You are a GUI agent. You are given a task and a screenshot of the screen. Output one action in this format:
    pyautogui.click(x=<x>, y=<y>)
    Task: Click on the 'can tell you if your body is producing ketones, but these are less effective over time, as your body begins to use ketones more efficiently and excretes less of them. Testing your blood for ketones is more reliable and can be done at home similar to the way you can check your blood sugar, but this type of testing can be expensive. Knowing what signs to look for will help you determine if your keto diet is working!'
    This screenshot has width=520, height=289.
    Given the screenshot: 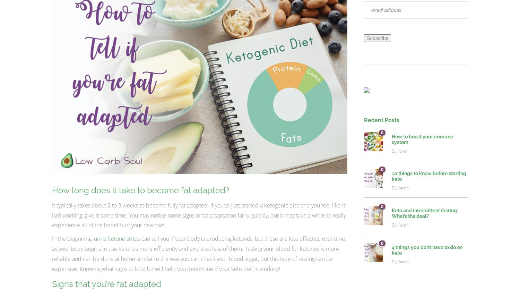 What is the action you would take?
    pyautogui.click(x=199, y=254)
    